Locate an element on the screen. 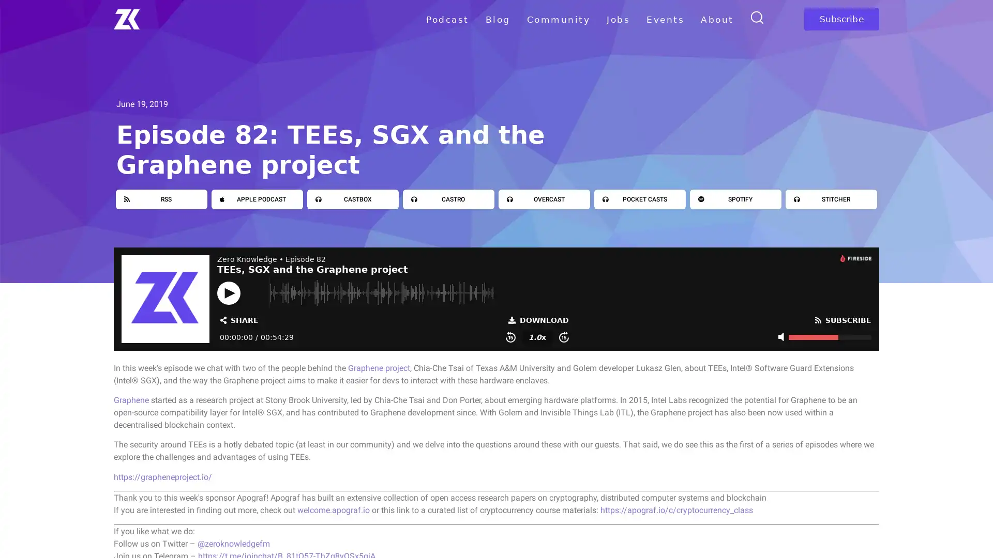 The width and height of the screenshot is (993, 558). CASTBOX is located at coordinates (353, 199).